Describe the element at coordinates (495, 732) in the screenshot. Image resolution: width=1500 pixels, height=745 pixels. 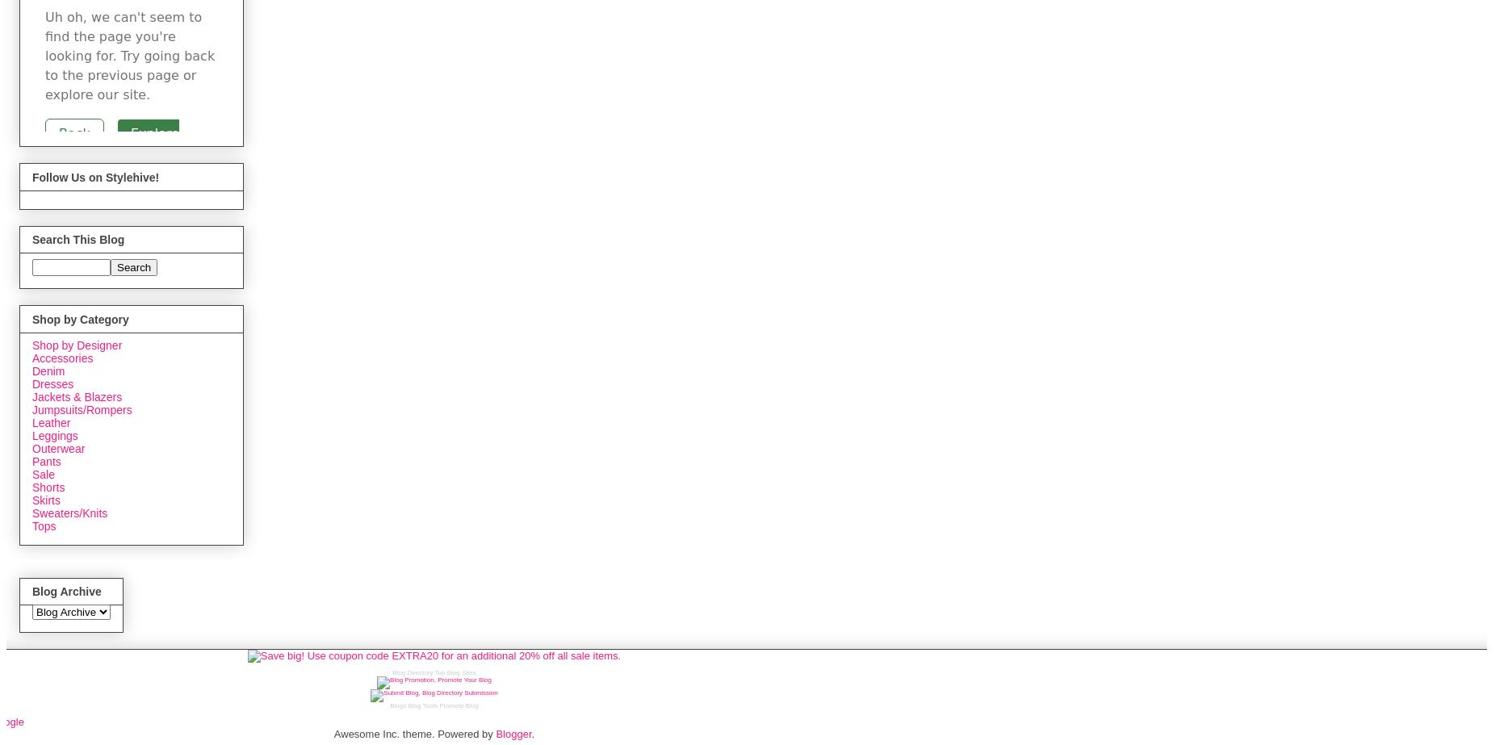
I see `'Blogger'` at that location.